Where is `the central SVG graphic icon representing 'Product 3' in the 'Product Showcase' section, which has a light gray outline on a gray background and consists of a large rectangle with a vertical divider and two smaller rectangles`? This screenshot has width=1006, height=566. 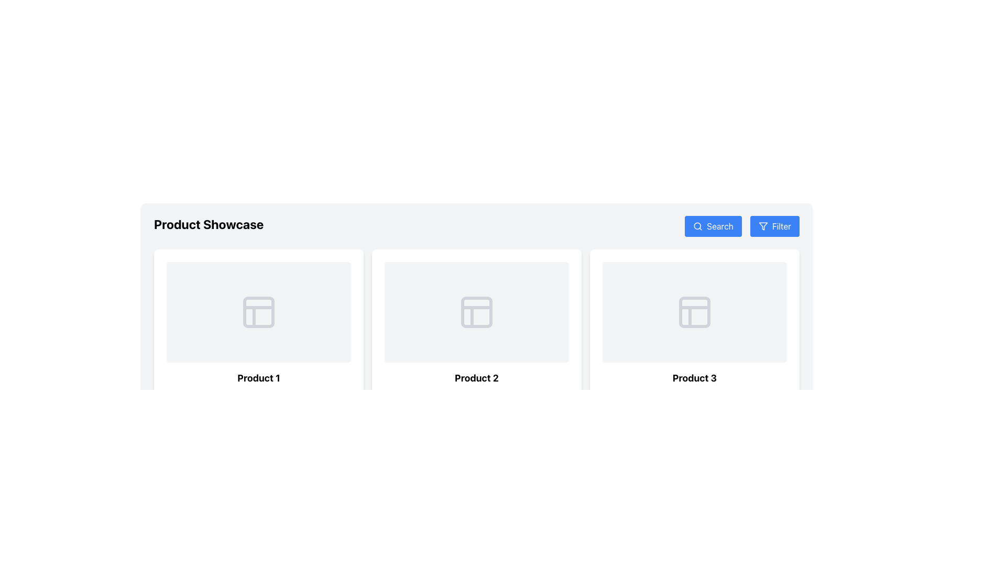
the central SVG graphic icon representing 'Product 3' in the 'Product Showcase' section, which has a light gray outline on a gray background and consists of a large rectangle with a vertical divider and two smaller rectangles is located at coordinates (694, 312).